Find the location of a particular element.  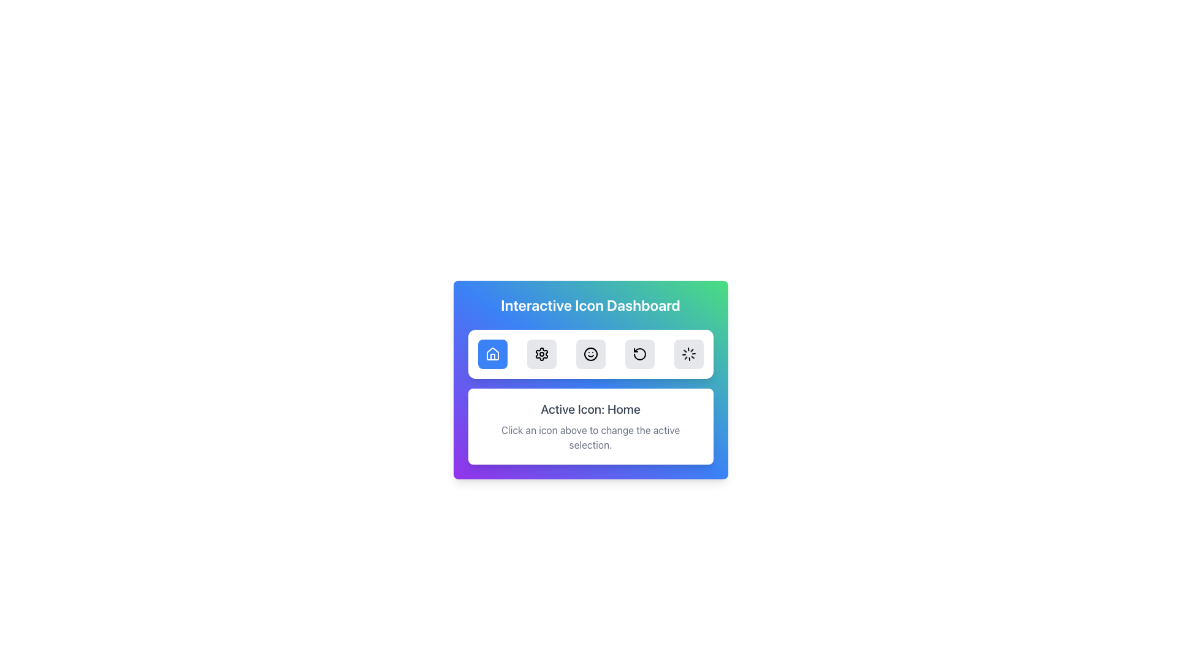

the blue button with a house icon located in the Interactive Icon Dashboard for accessibility purposes is located at coordinates (492, 354).